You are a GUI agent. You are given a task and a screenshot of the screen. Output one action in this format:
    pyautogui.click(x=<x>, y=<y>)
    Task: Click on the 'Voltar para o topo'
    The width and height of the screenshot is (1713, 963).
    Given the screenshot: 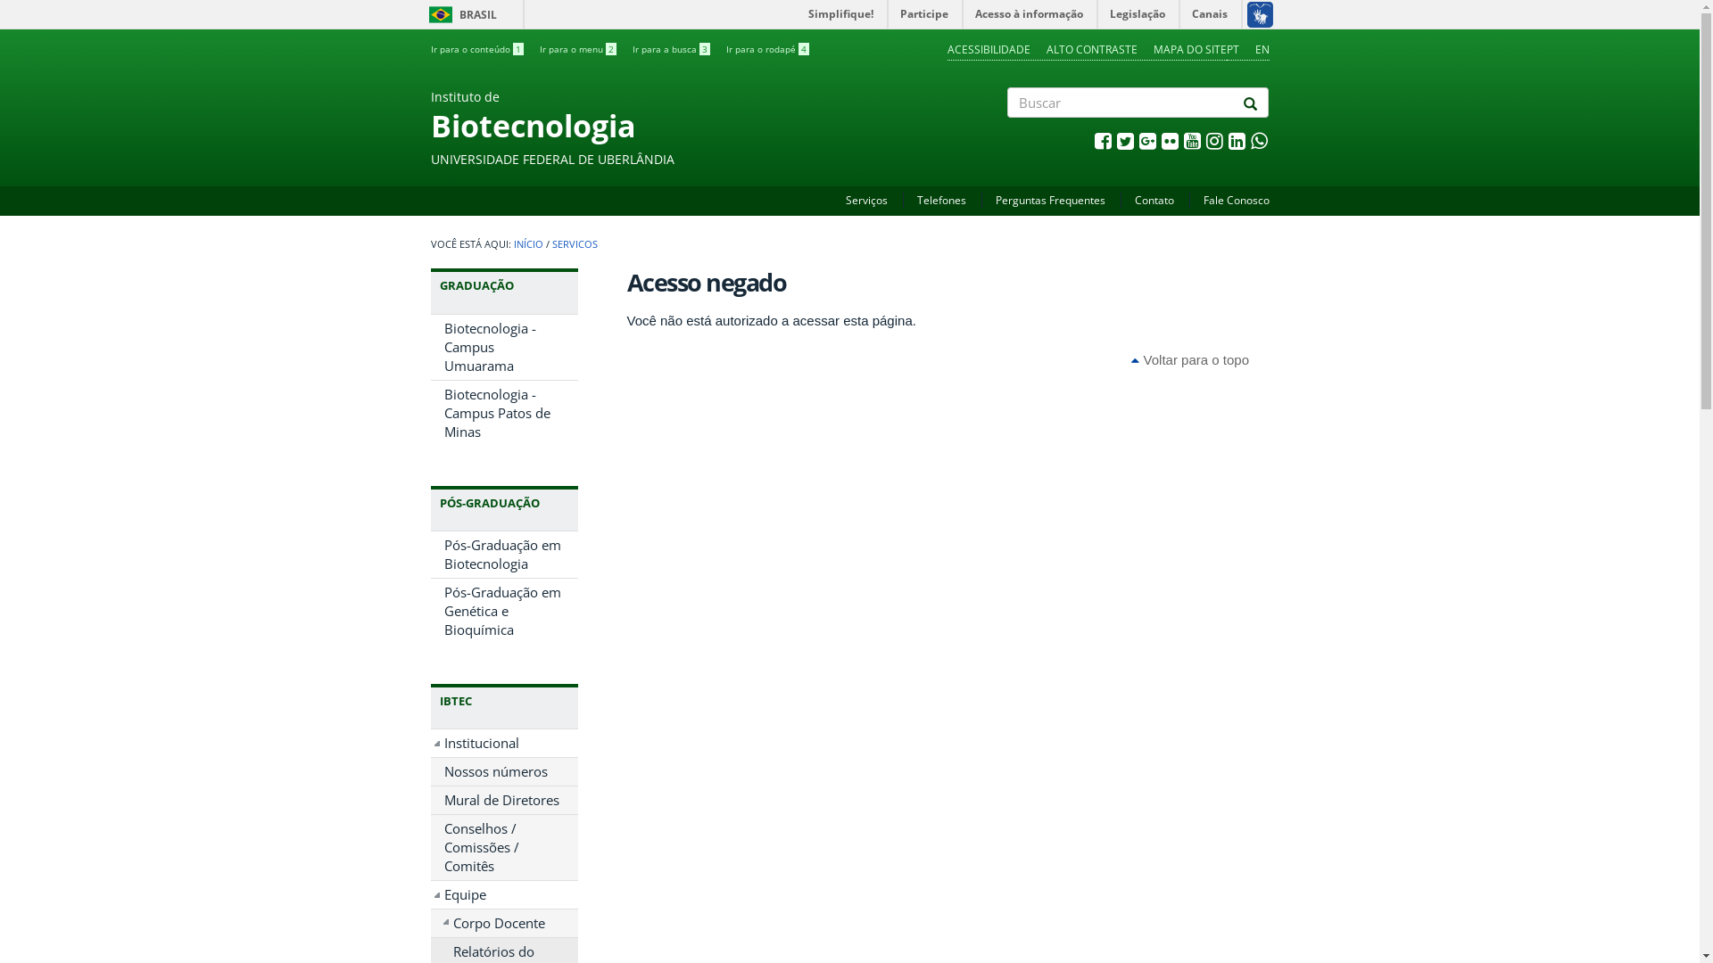 What is the action you would take?
    pyautogui.click(x=1190, y=359)
    